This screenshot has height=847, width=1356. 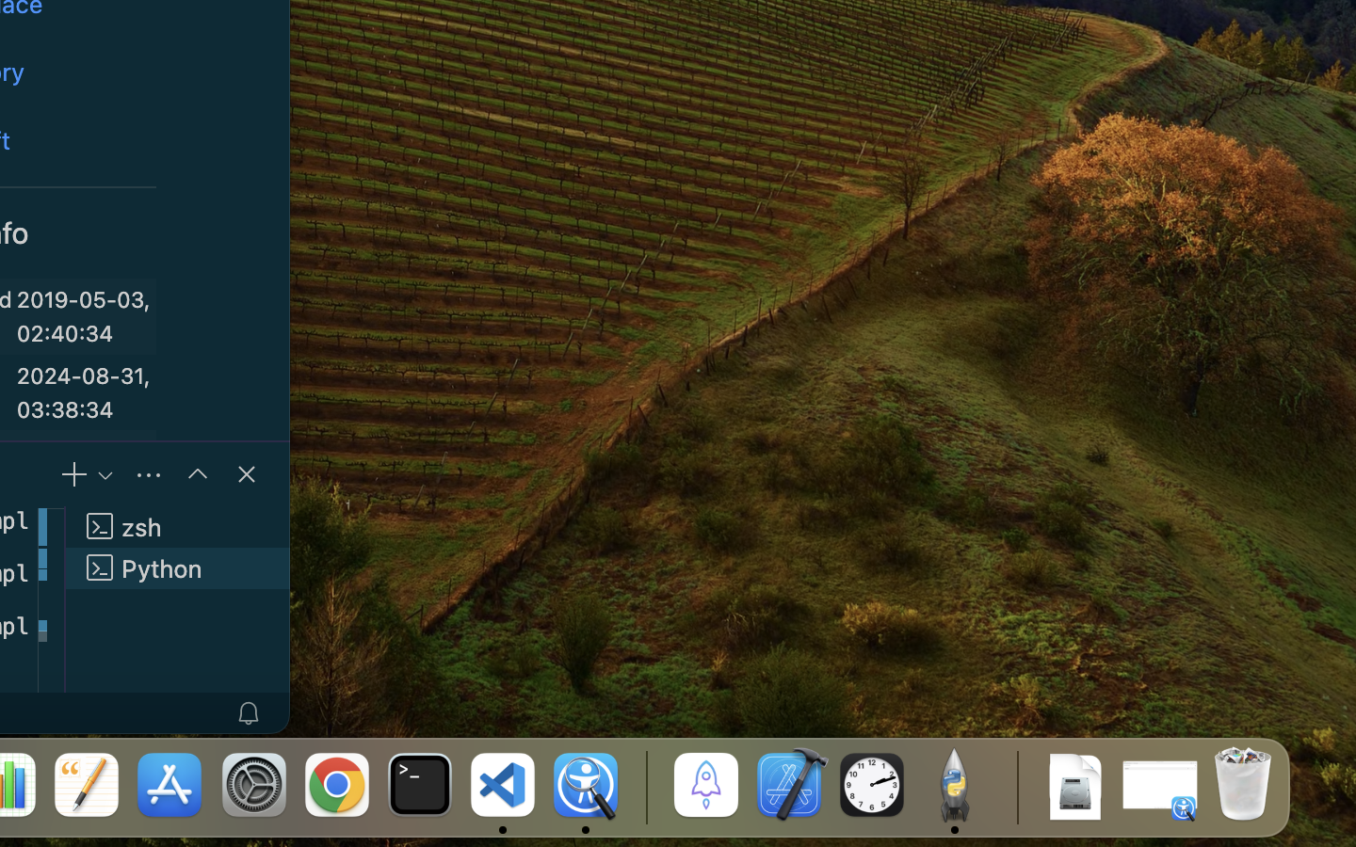 I want to click on '2019-05-03, 02:40:34', so click(x=83, y=315).